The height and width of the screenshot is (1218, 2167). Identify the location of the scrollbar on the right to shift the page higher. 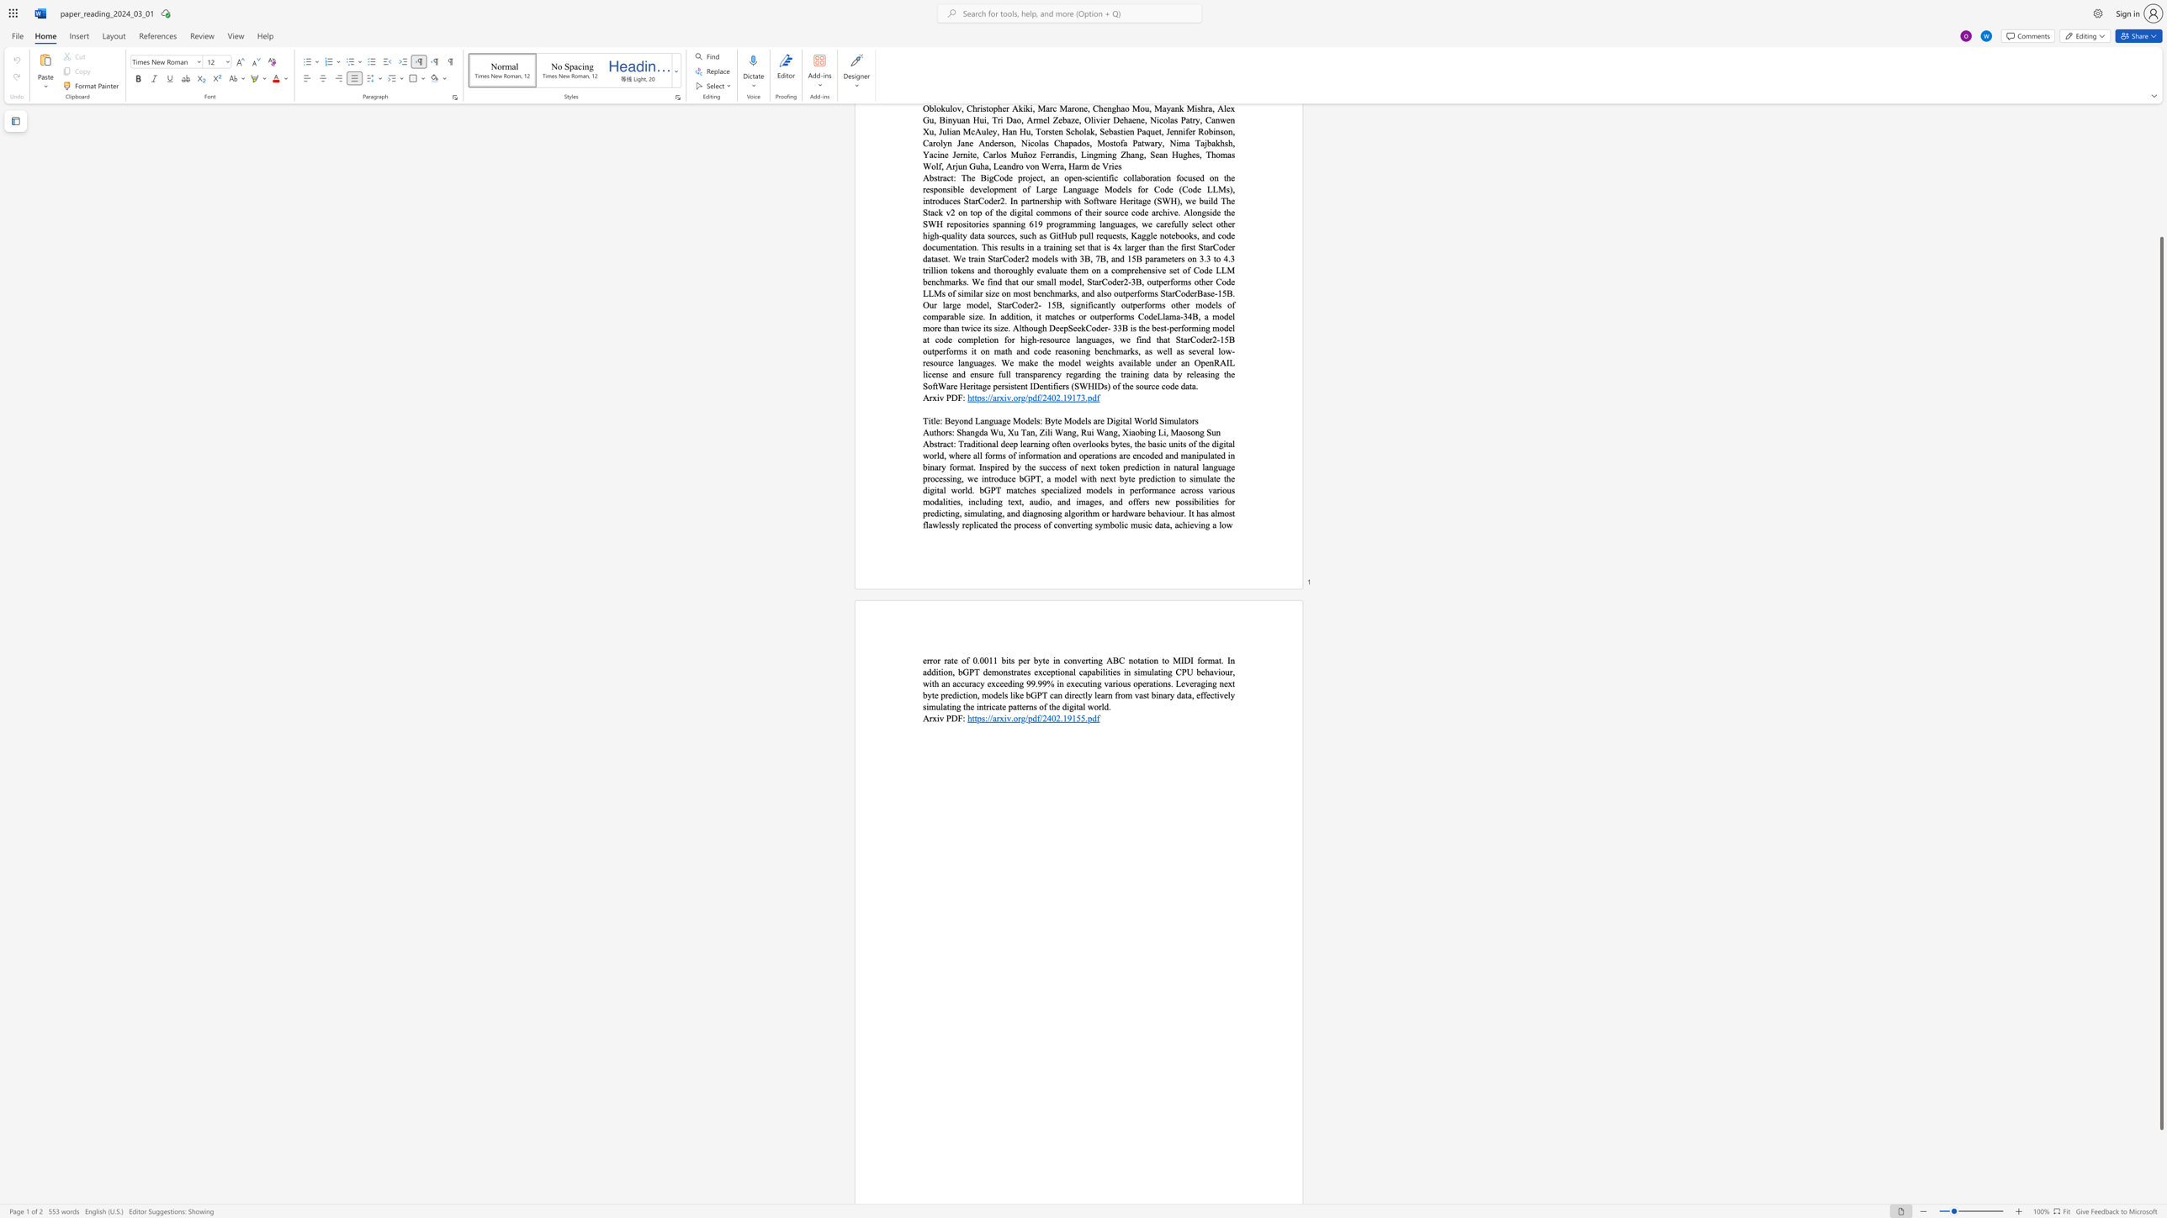
(2160, 196).